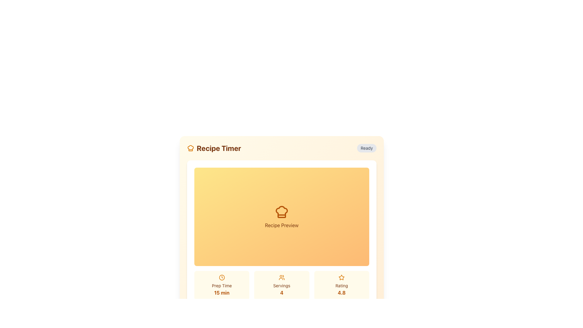 The width and height of the screenshot is (583, 328). What do you see at coordinates (342, 285) in the screenshot?
I see `the Information Card that displays the rating, which is the third card in a horizontal row below the 'Recipe Preview'` at bounding box center [342, 285].